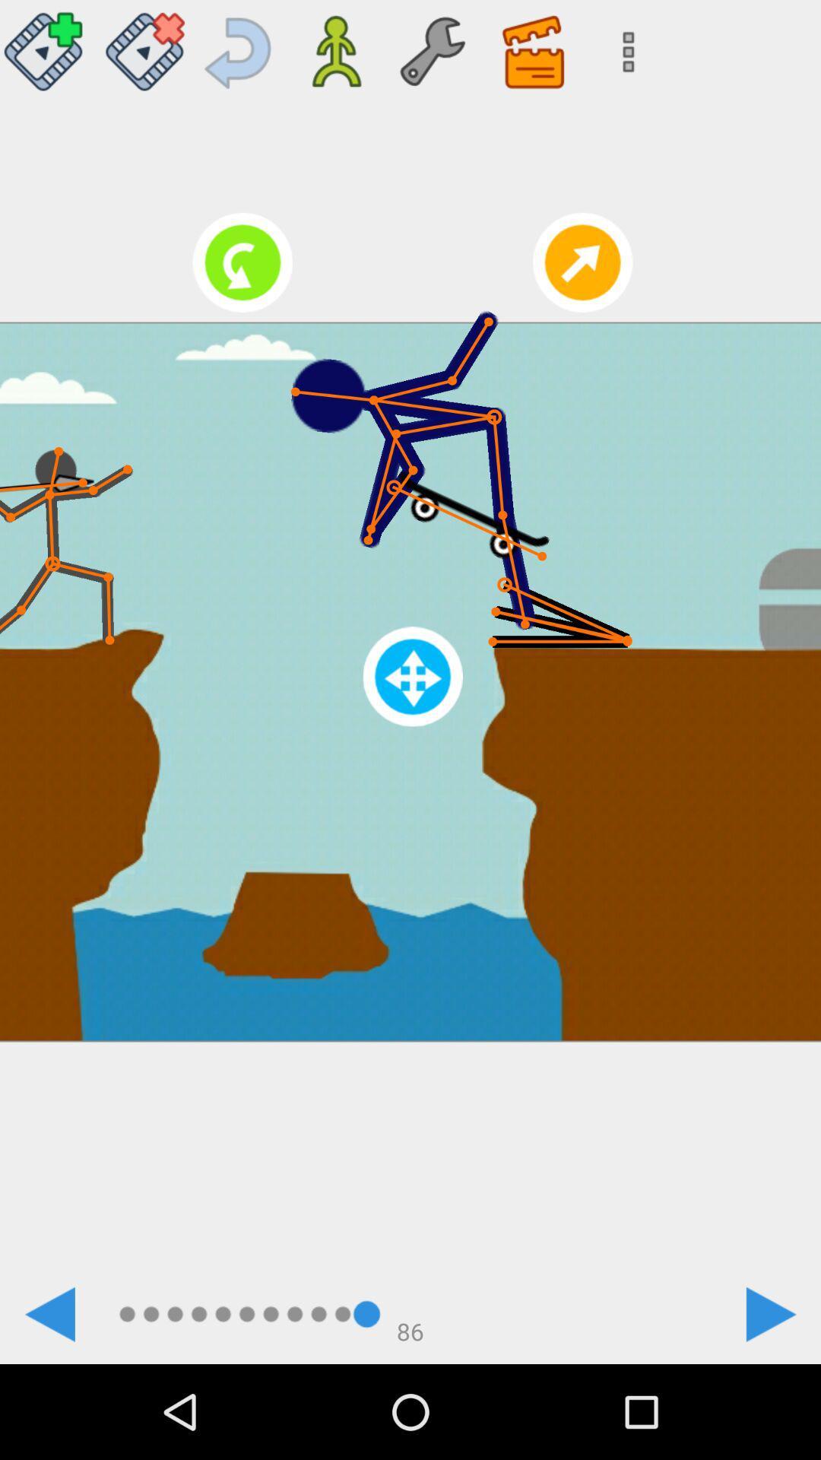  Describe the element at coordinates (623, 46) in the screenshot. I see `show menu options` at that location.